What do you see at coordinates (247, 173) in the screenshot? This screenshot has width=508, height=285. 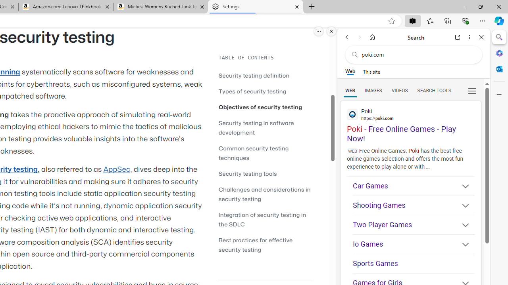 I see `'Security testing tools'` at bounding box center [247, 173].